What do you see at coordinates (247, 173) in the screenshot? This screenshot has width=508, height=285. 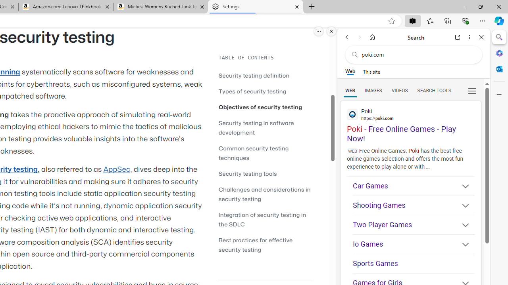 I see `'Security testing tools'` at bounding box center [247, 173].